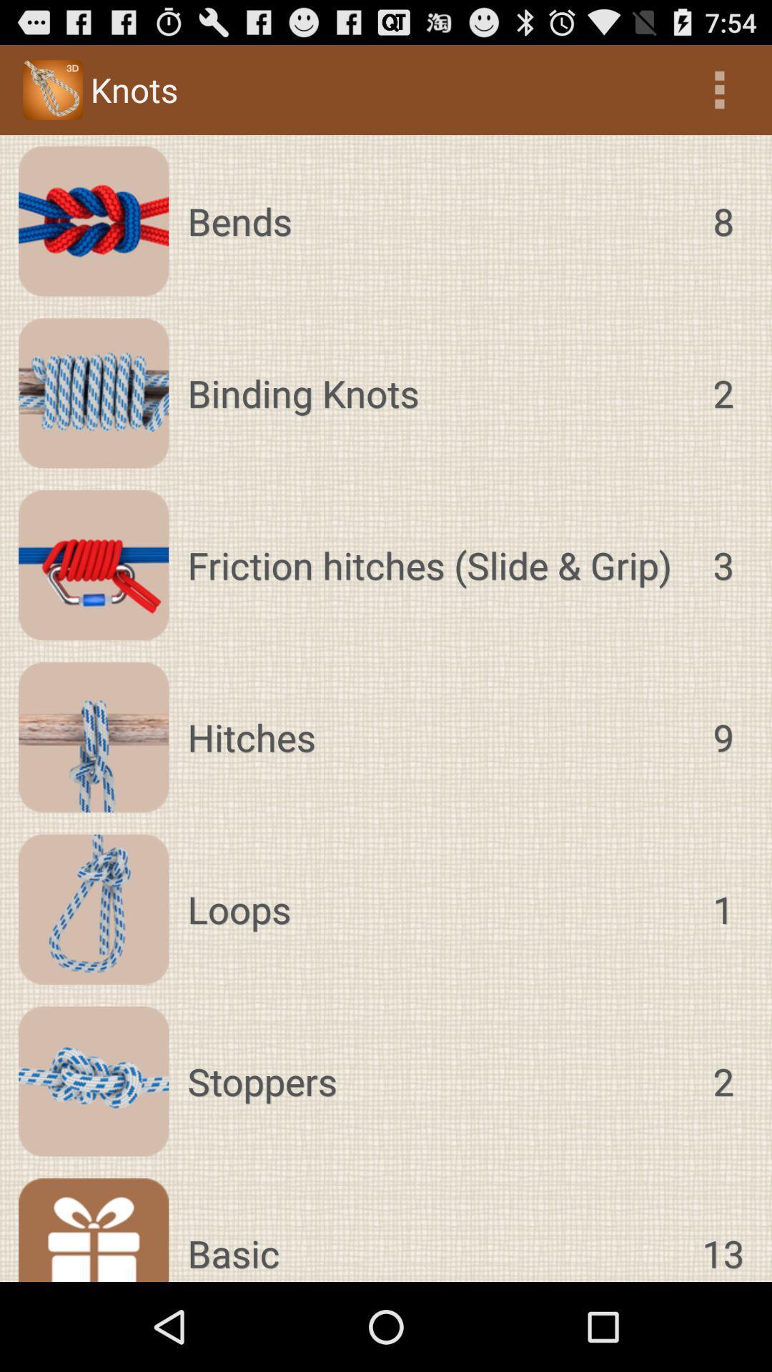 This screenshot has width=772, height=1372. I want to click on app next to 8 icon, so click(435, 220).